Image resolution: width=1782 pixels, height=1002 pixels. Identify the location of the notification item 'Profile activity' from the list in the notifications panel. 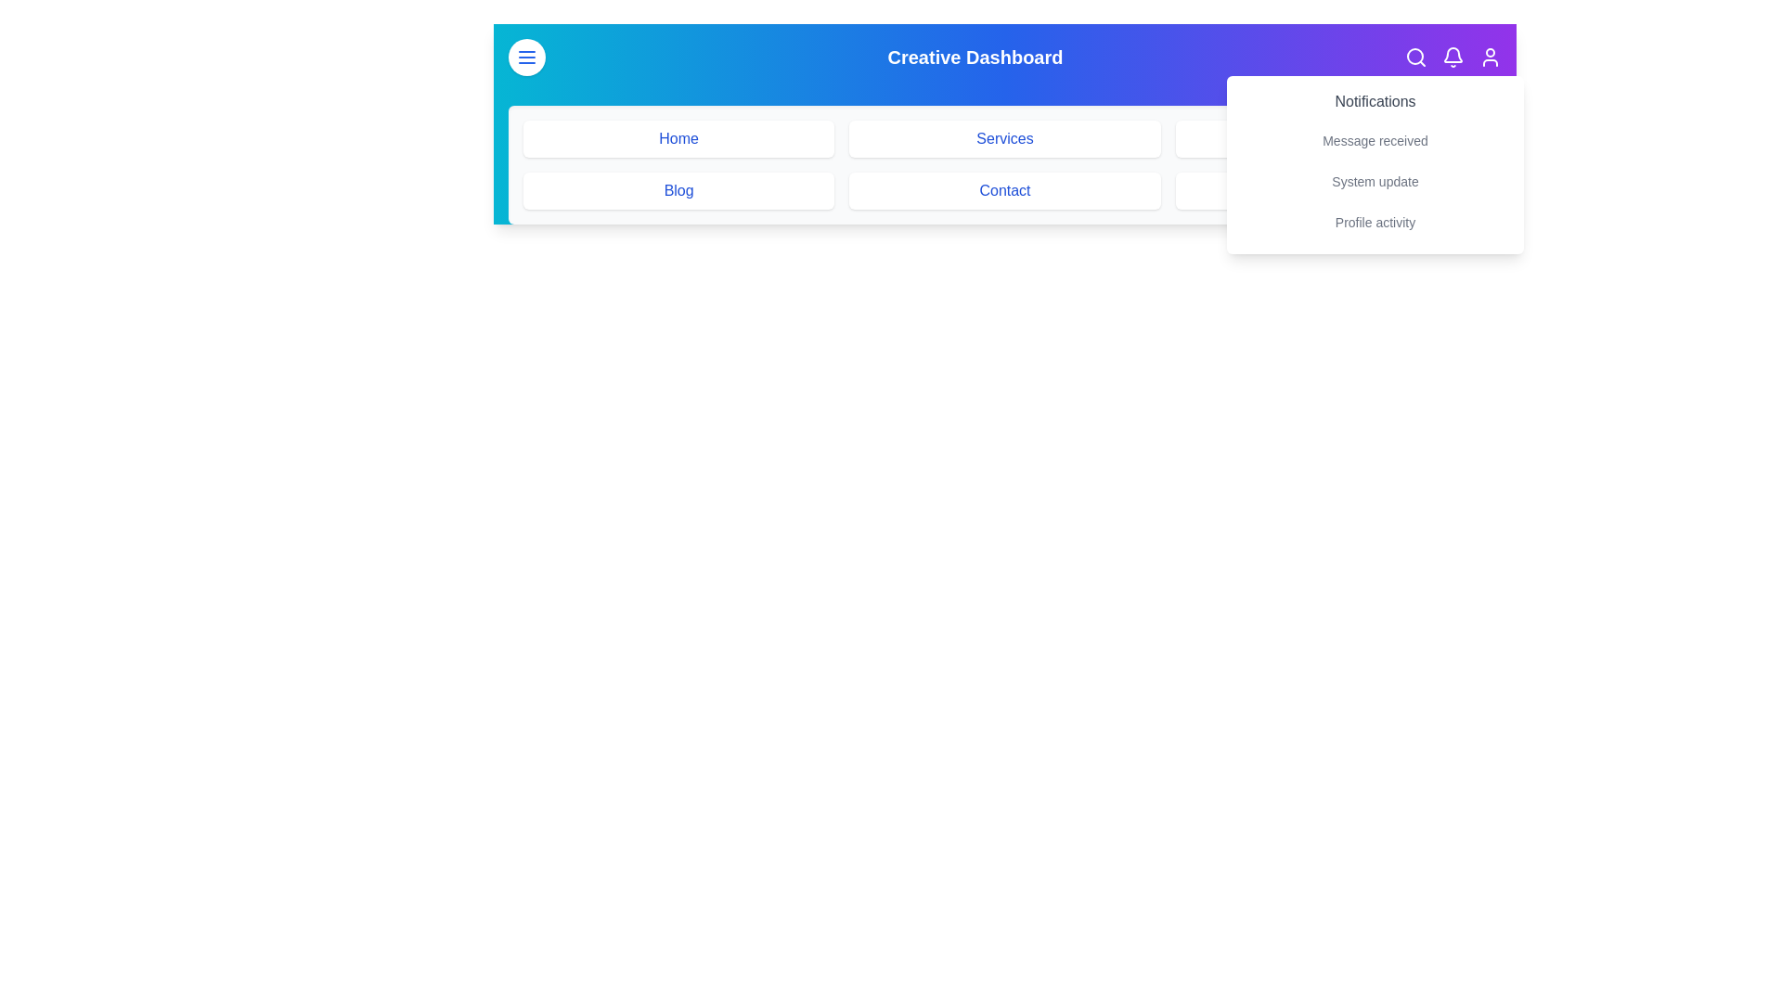
(1375, 221).